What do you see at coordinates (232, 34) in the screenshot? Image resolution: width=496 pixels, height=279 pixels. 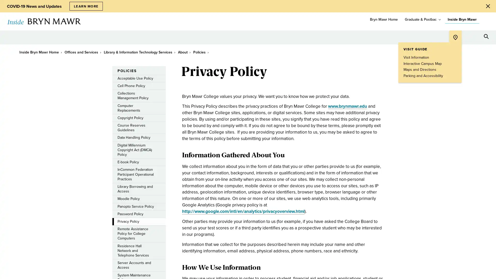 I see `toggle submenu` at bounding box center [232, 34].